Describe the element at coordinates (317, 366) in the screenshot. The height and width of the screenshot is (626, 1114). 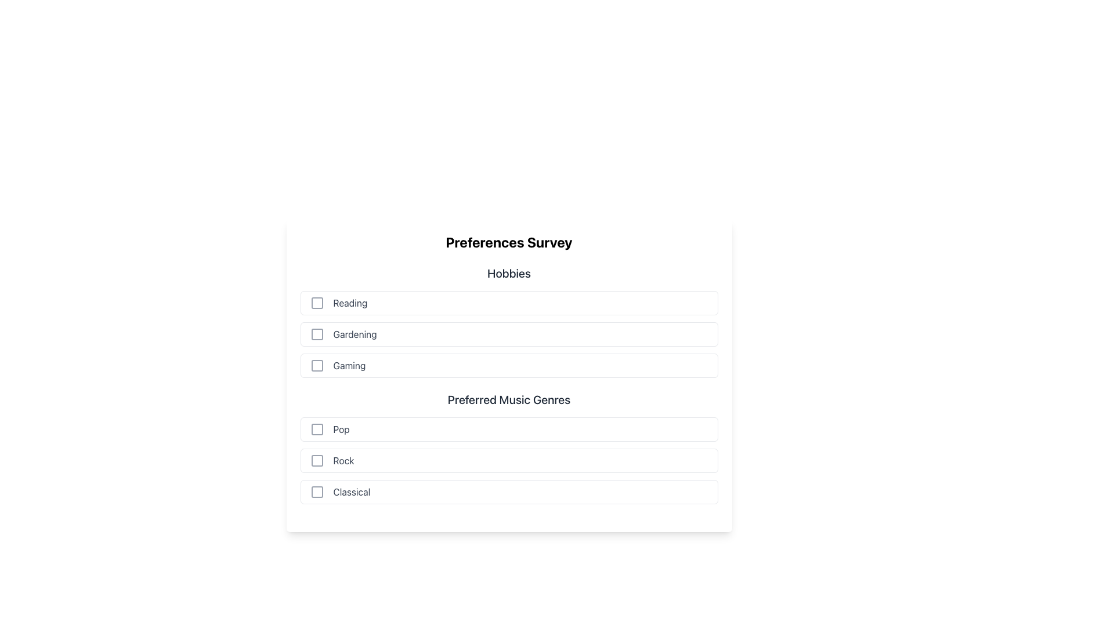
I see `the checkbox for 'Gaming' in the third position under the 'Hobbies' section` at that location.